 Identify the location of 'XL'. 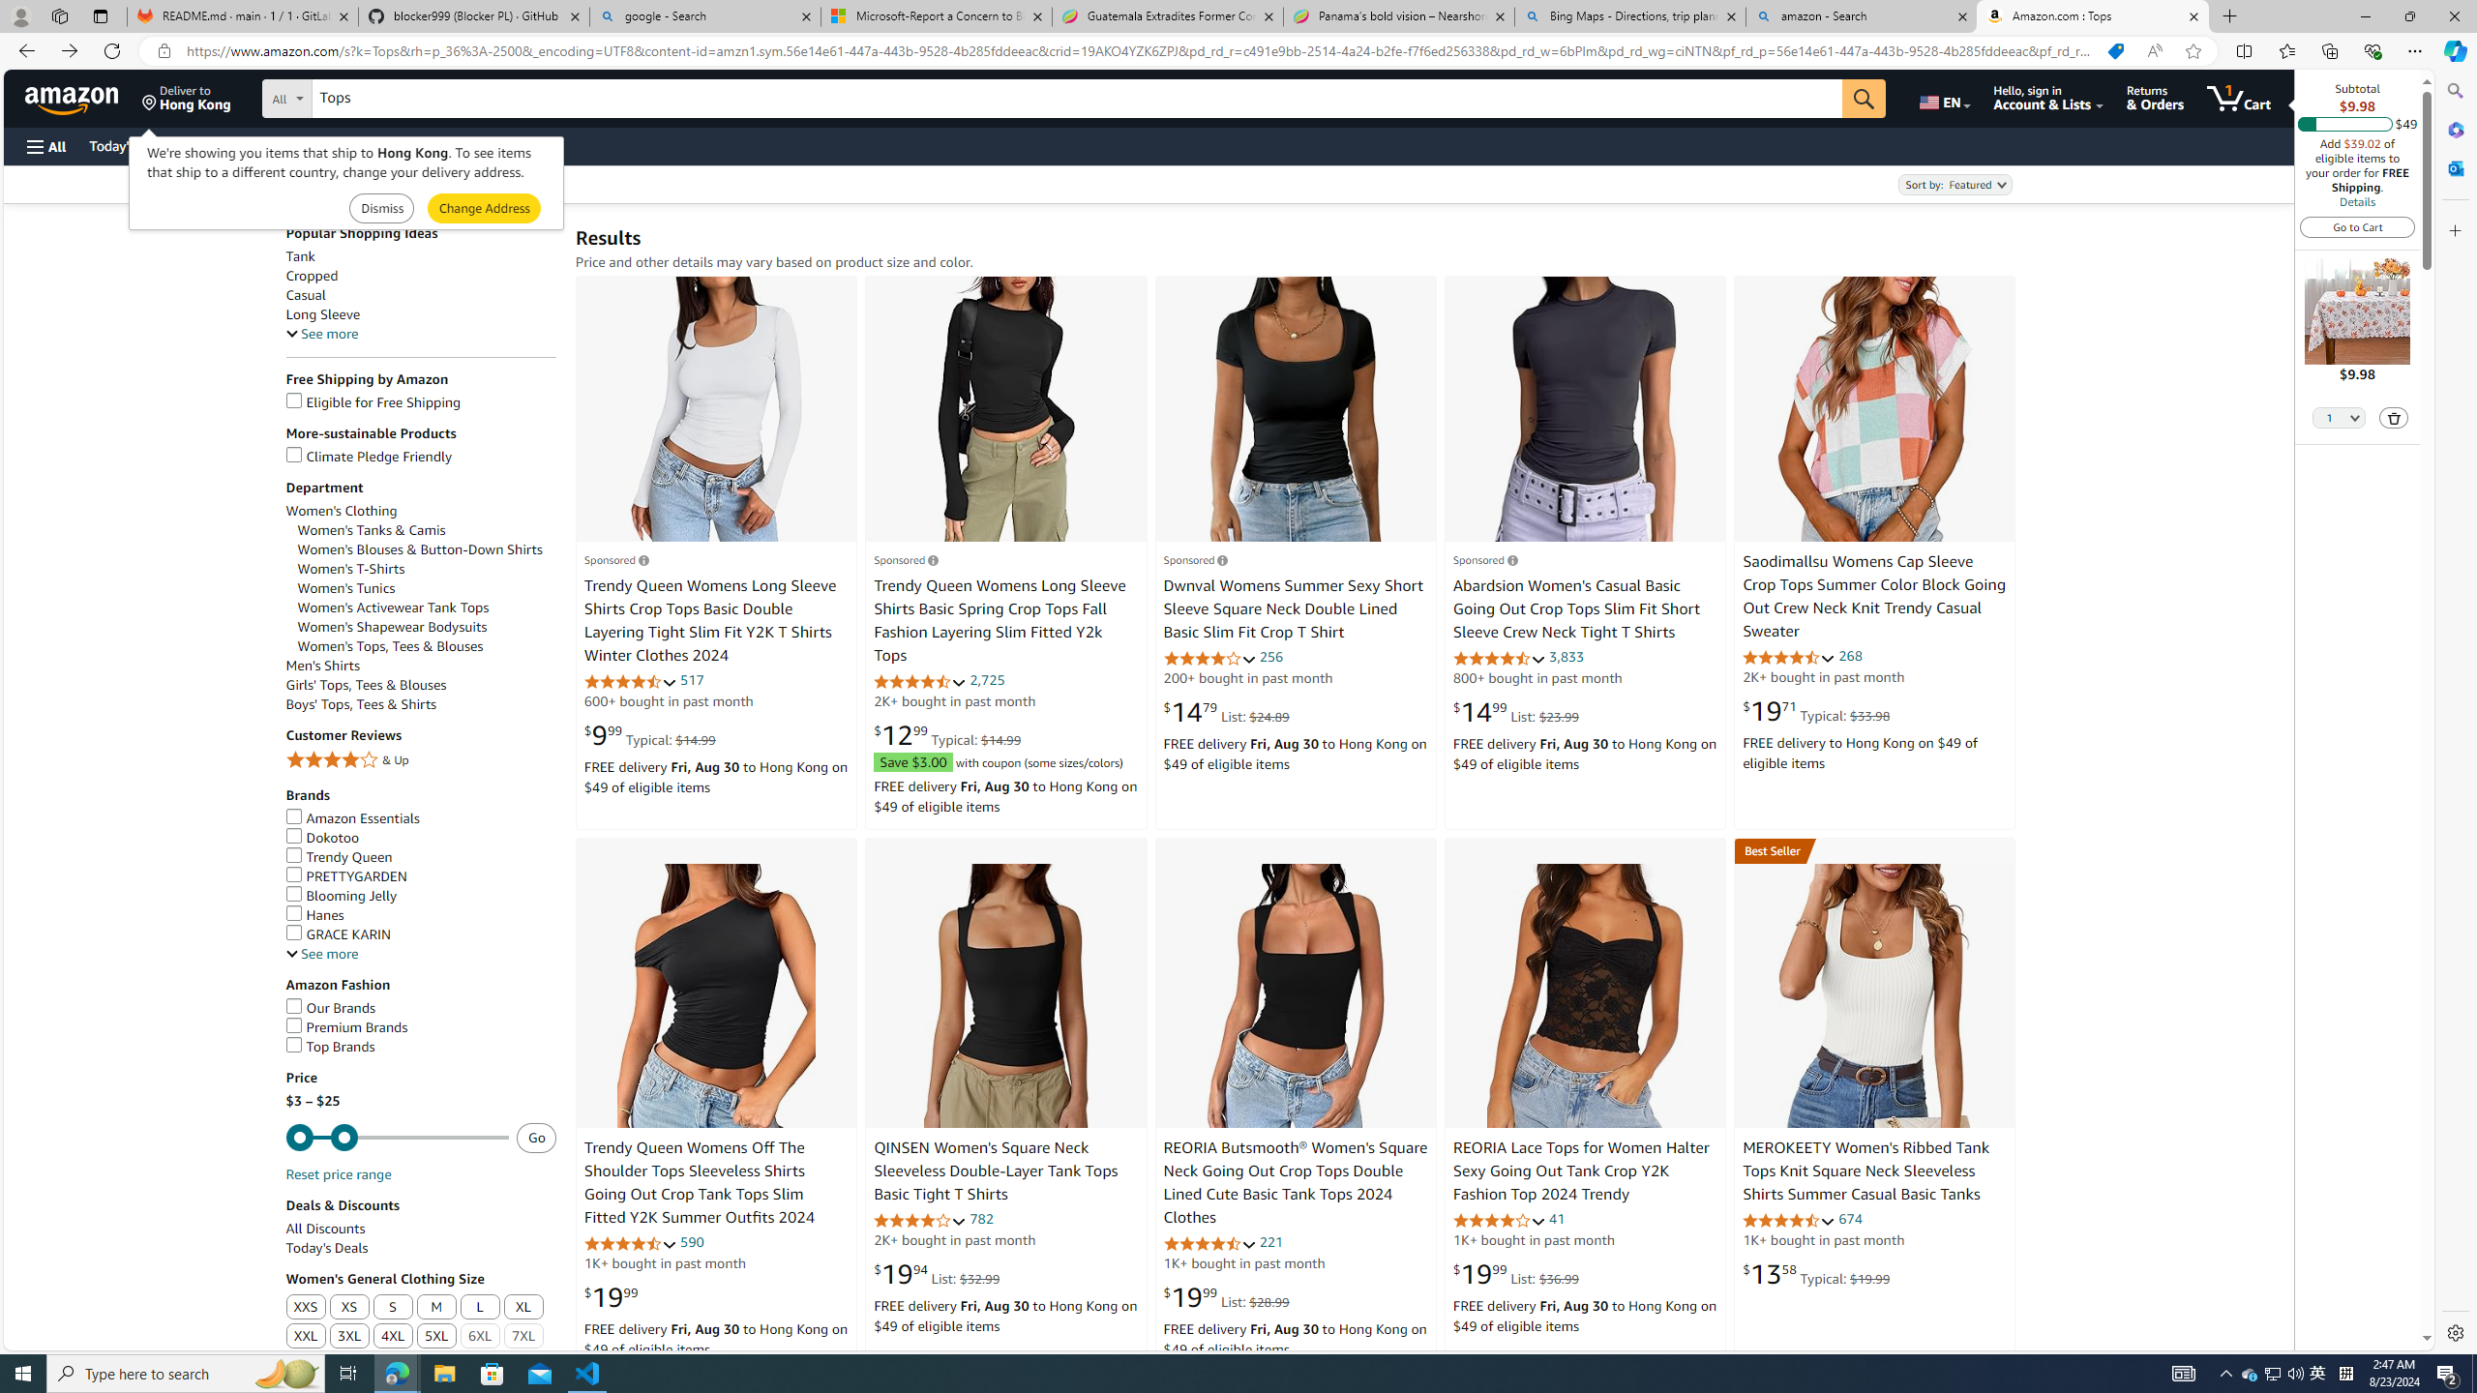
(523, 1307).